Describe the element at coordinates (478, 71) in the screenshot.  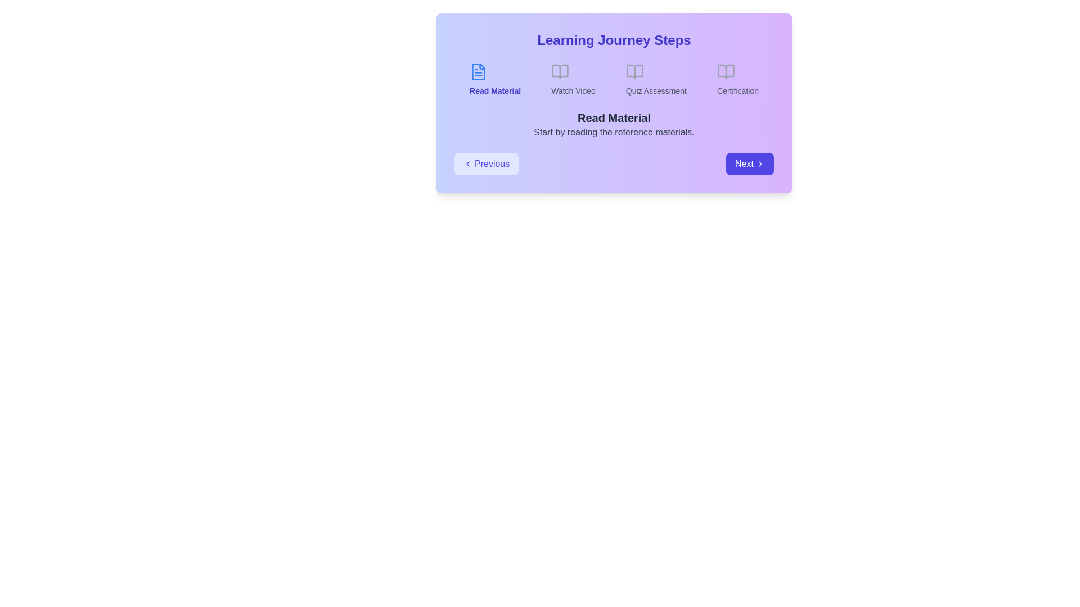
I see `the 'Read Material' icon located at the top-left corner of the learning journey interface, positioned above the label 'Read Material'` at that location.